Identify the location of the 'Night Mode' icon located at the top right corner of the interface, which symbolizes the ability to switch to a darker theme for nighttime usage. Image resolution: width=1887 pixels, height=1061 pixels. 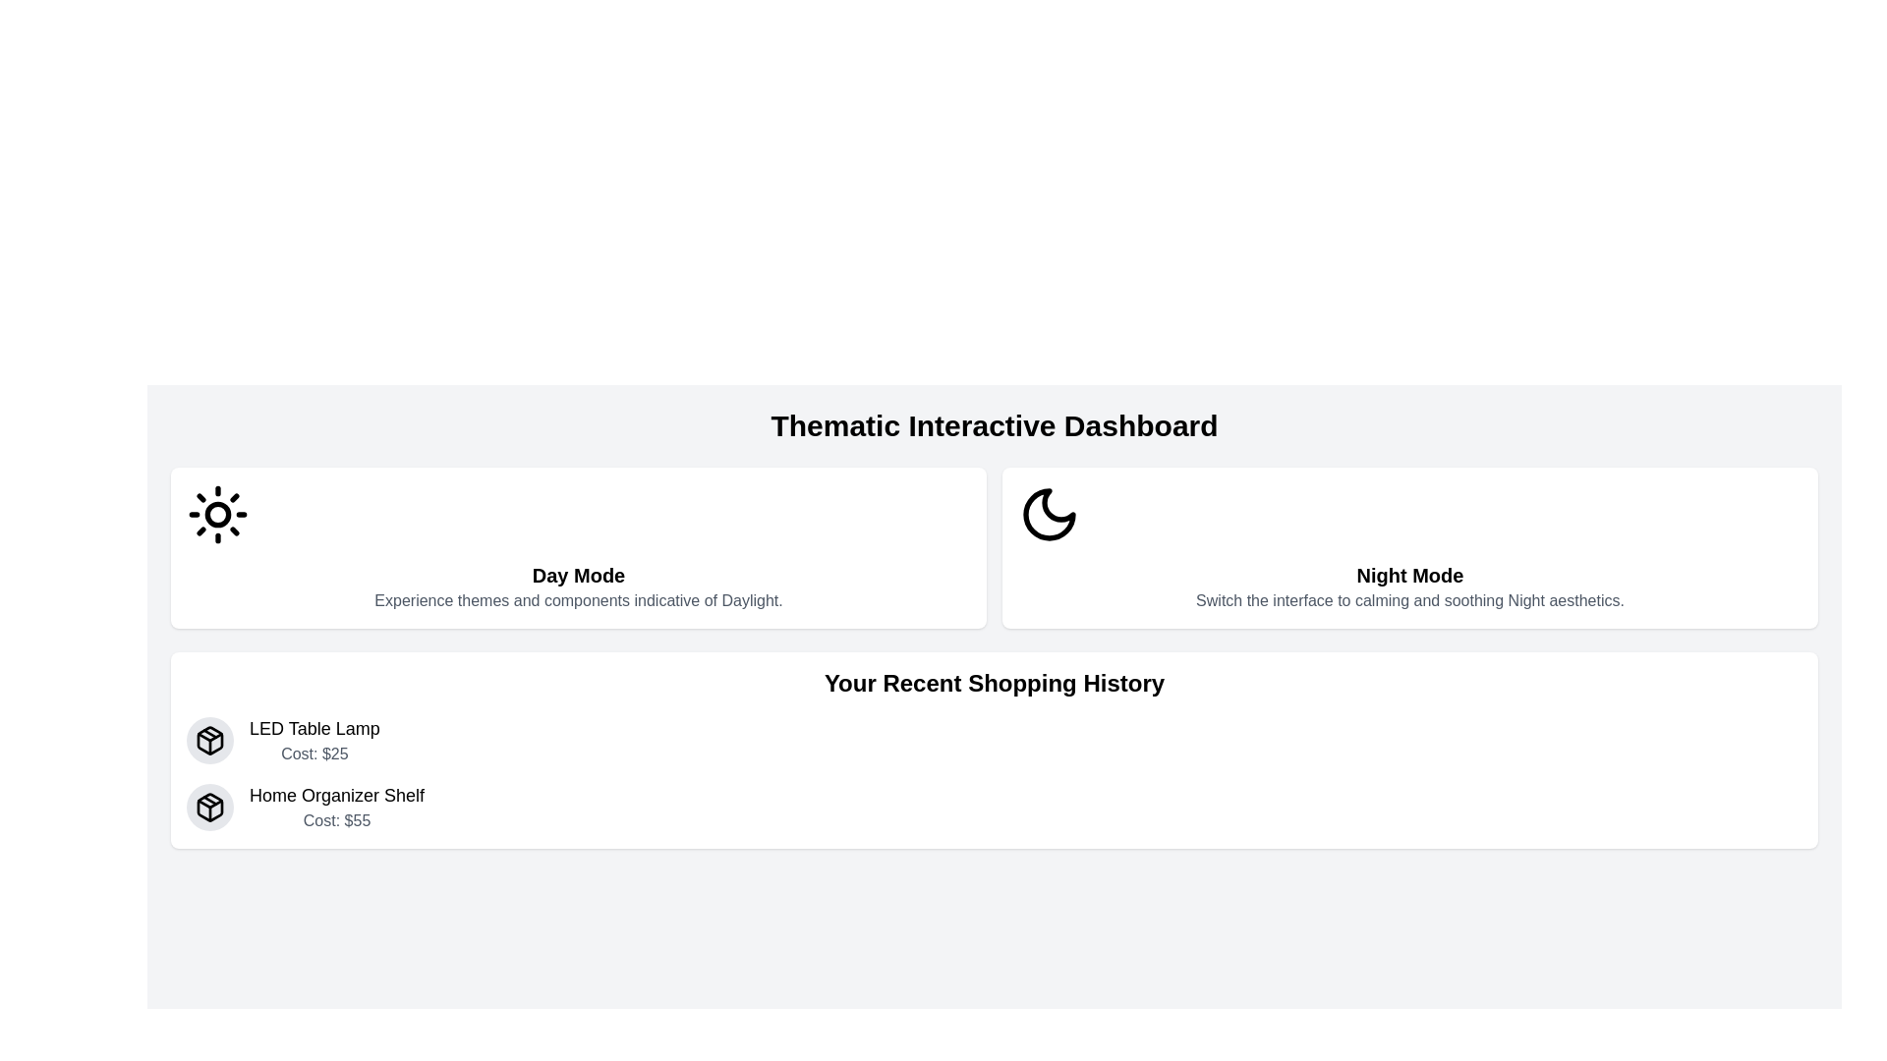
(1049, 514).